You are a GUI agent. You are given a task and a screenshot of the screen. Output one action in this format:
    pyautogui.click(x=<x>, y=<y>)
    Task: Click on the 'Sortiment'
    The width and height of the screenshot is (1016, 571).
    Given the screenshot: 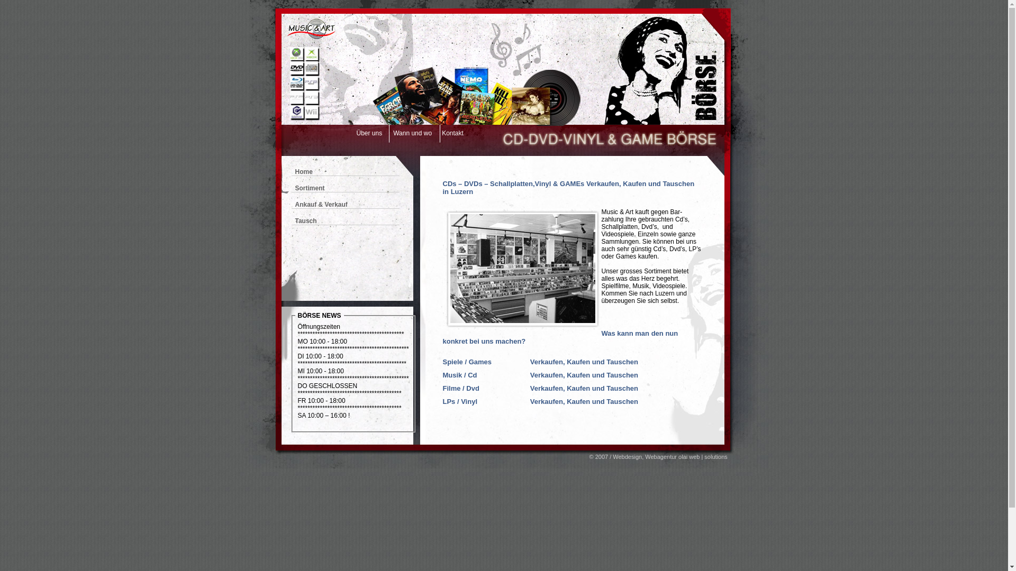 What is the action you would take?
    pyautogui.click(x=309, y=187)
    